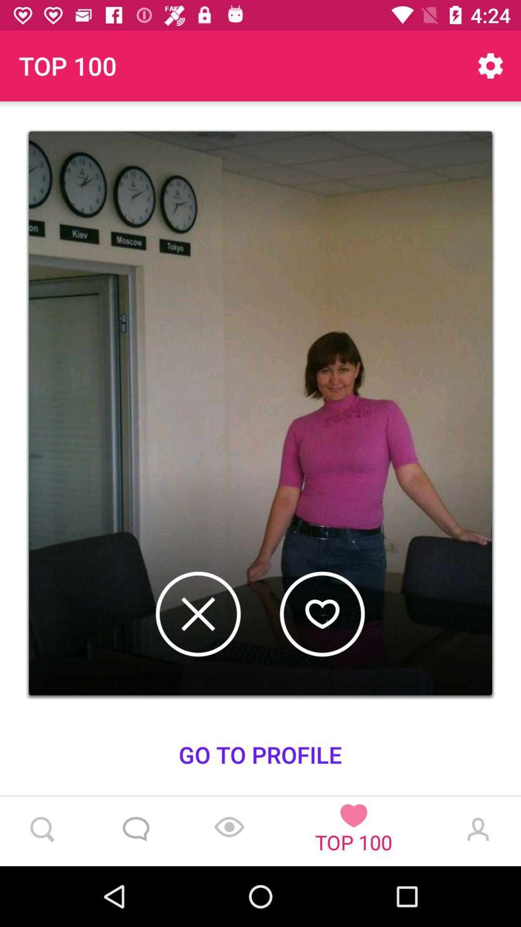 The width and height of the screenshot is (521, 927). I want to click on the location_crosshair icon, so click(229, 831).